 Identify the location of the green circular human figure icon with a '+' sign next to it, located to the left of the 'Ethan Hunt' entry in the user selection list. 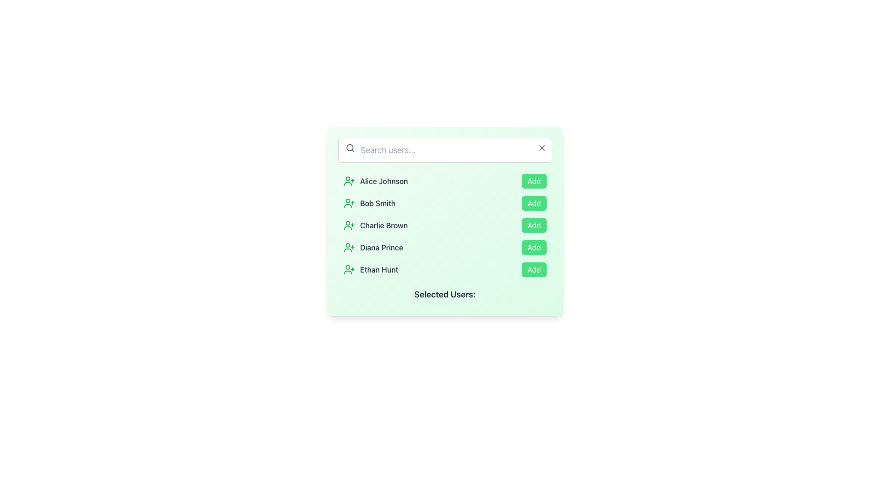
(348, 270).